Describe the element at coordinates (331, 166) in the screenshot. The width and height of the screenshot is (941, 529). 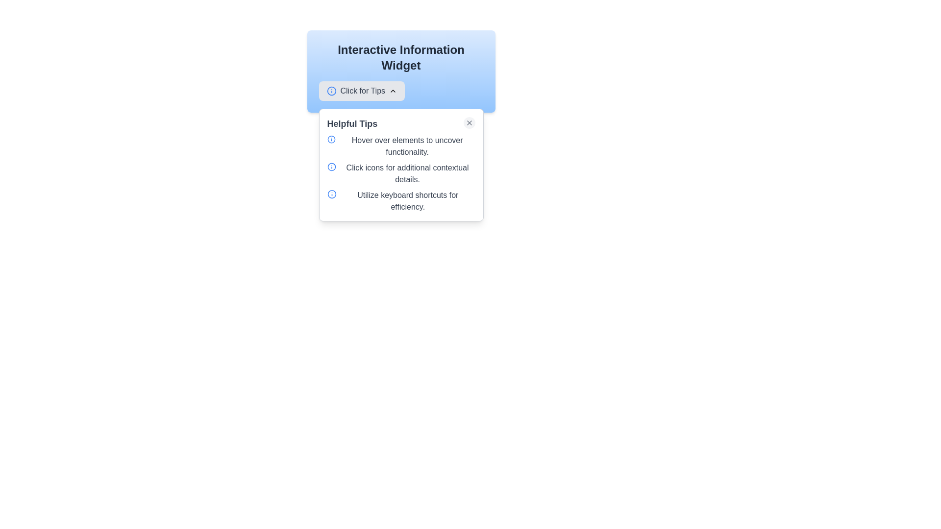
I see `SVG circle component located in the 'Helpful Tips' section, positioned to the left of the text 'Hover over elements to uncover functionality.' for debugging purposes` at that location.